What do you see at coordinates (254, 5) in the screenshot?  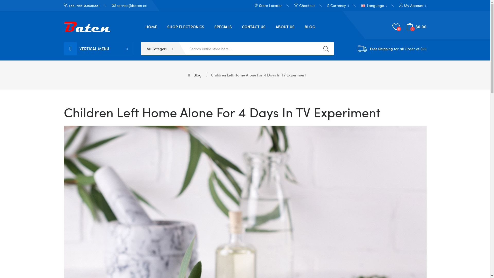 I see `'Store Locator'` at bounding box center [254, 5].